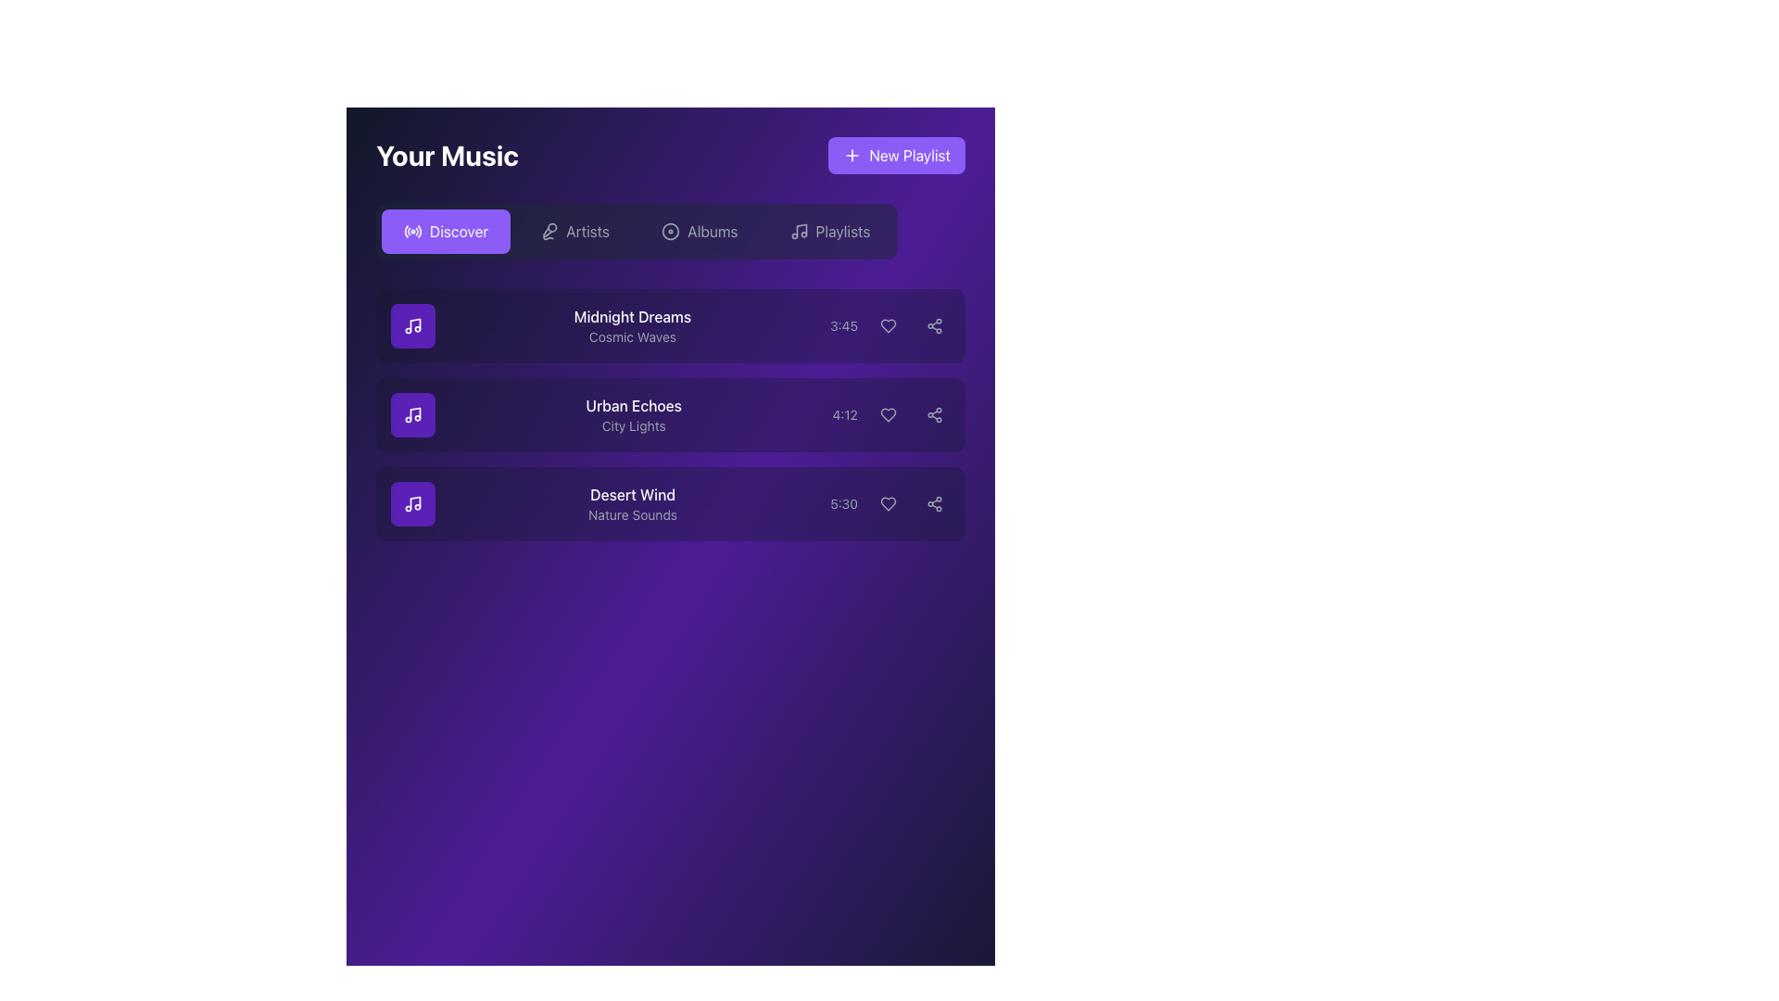 This screenshot has height=1001, width=1779. Describe the element at coordinates (829, 231) in the screenshot. I see `the 'Playlists' button, which is a rectangular button with a music note icon and light gray text, located in the top-right segment of the navigation bar` at that location.